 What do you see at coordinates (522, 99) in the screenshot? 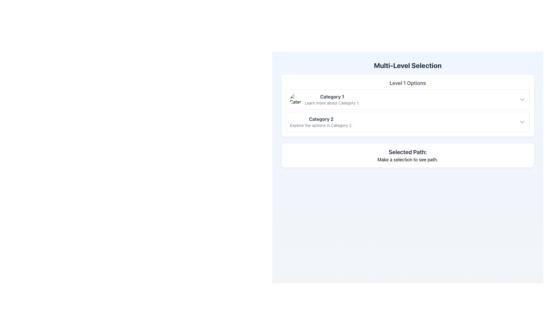
I see `the chevron-shaped downward arrow icon located on the right side of the 'Category 1' option in the 'Multi-Level Selection' section` at bounding box center [522, 99].